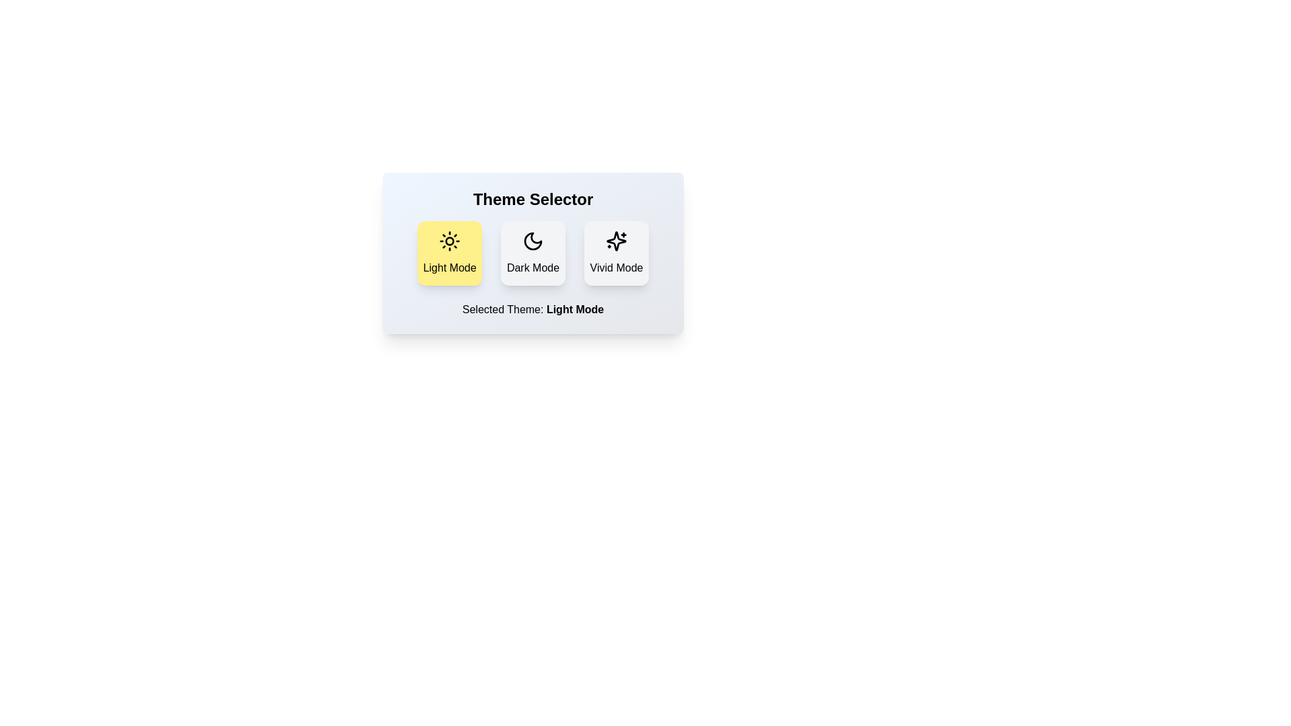  Describe the element at coordinates (532, 253) in the screenshot. I see `the theme by clicking on the corresponding button: Dark Mode` at that location.